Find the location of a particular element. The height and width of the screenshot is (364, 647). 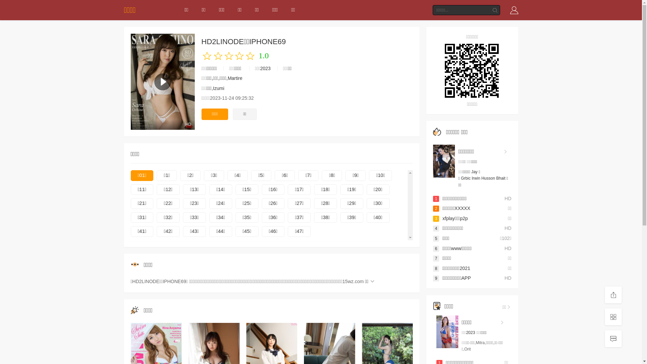

'Bhait' is located at coordinates (500, 178).